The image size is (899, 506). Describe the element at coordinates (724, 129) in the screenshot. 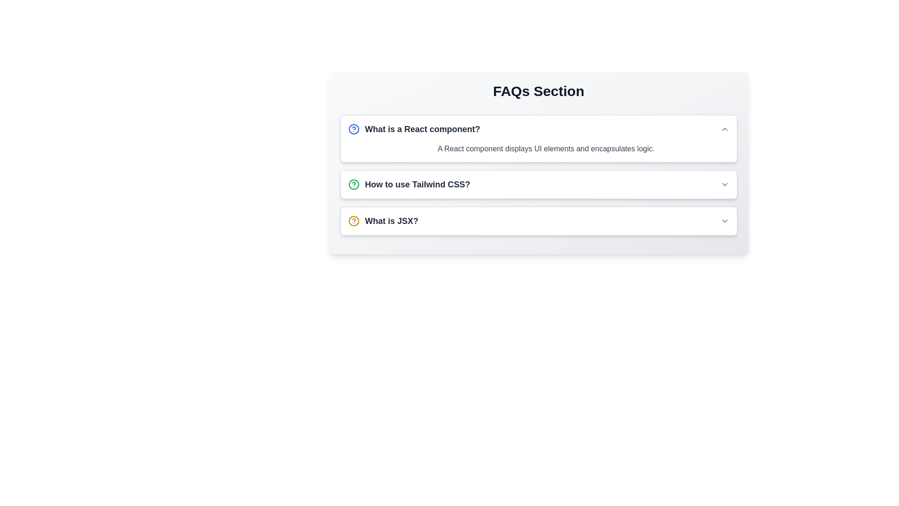

I see `the toggle icon indicating the expanded state of the FAQ titled 'What is a React component?'` at that location.